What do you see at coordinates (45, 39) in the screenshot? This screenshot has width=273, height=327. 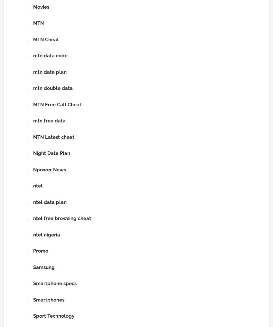 I see `'MTN Cheat'` at bounding box center [45, 39].